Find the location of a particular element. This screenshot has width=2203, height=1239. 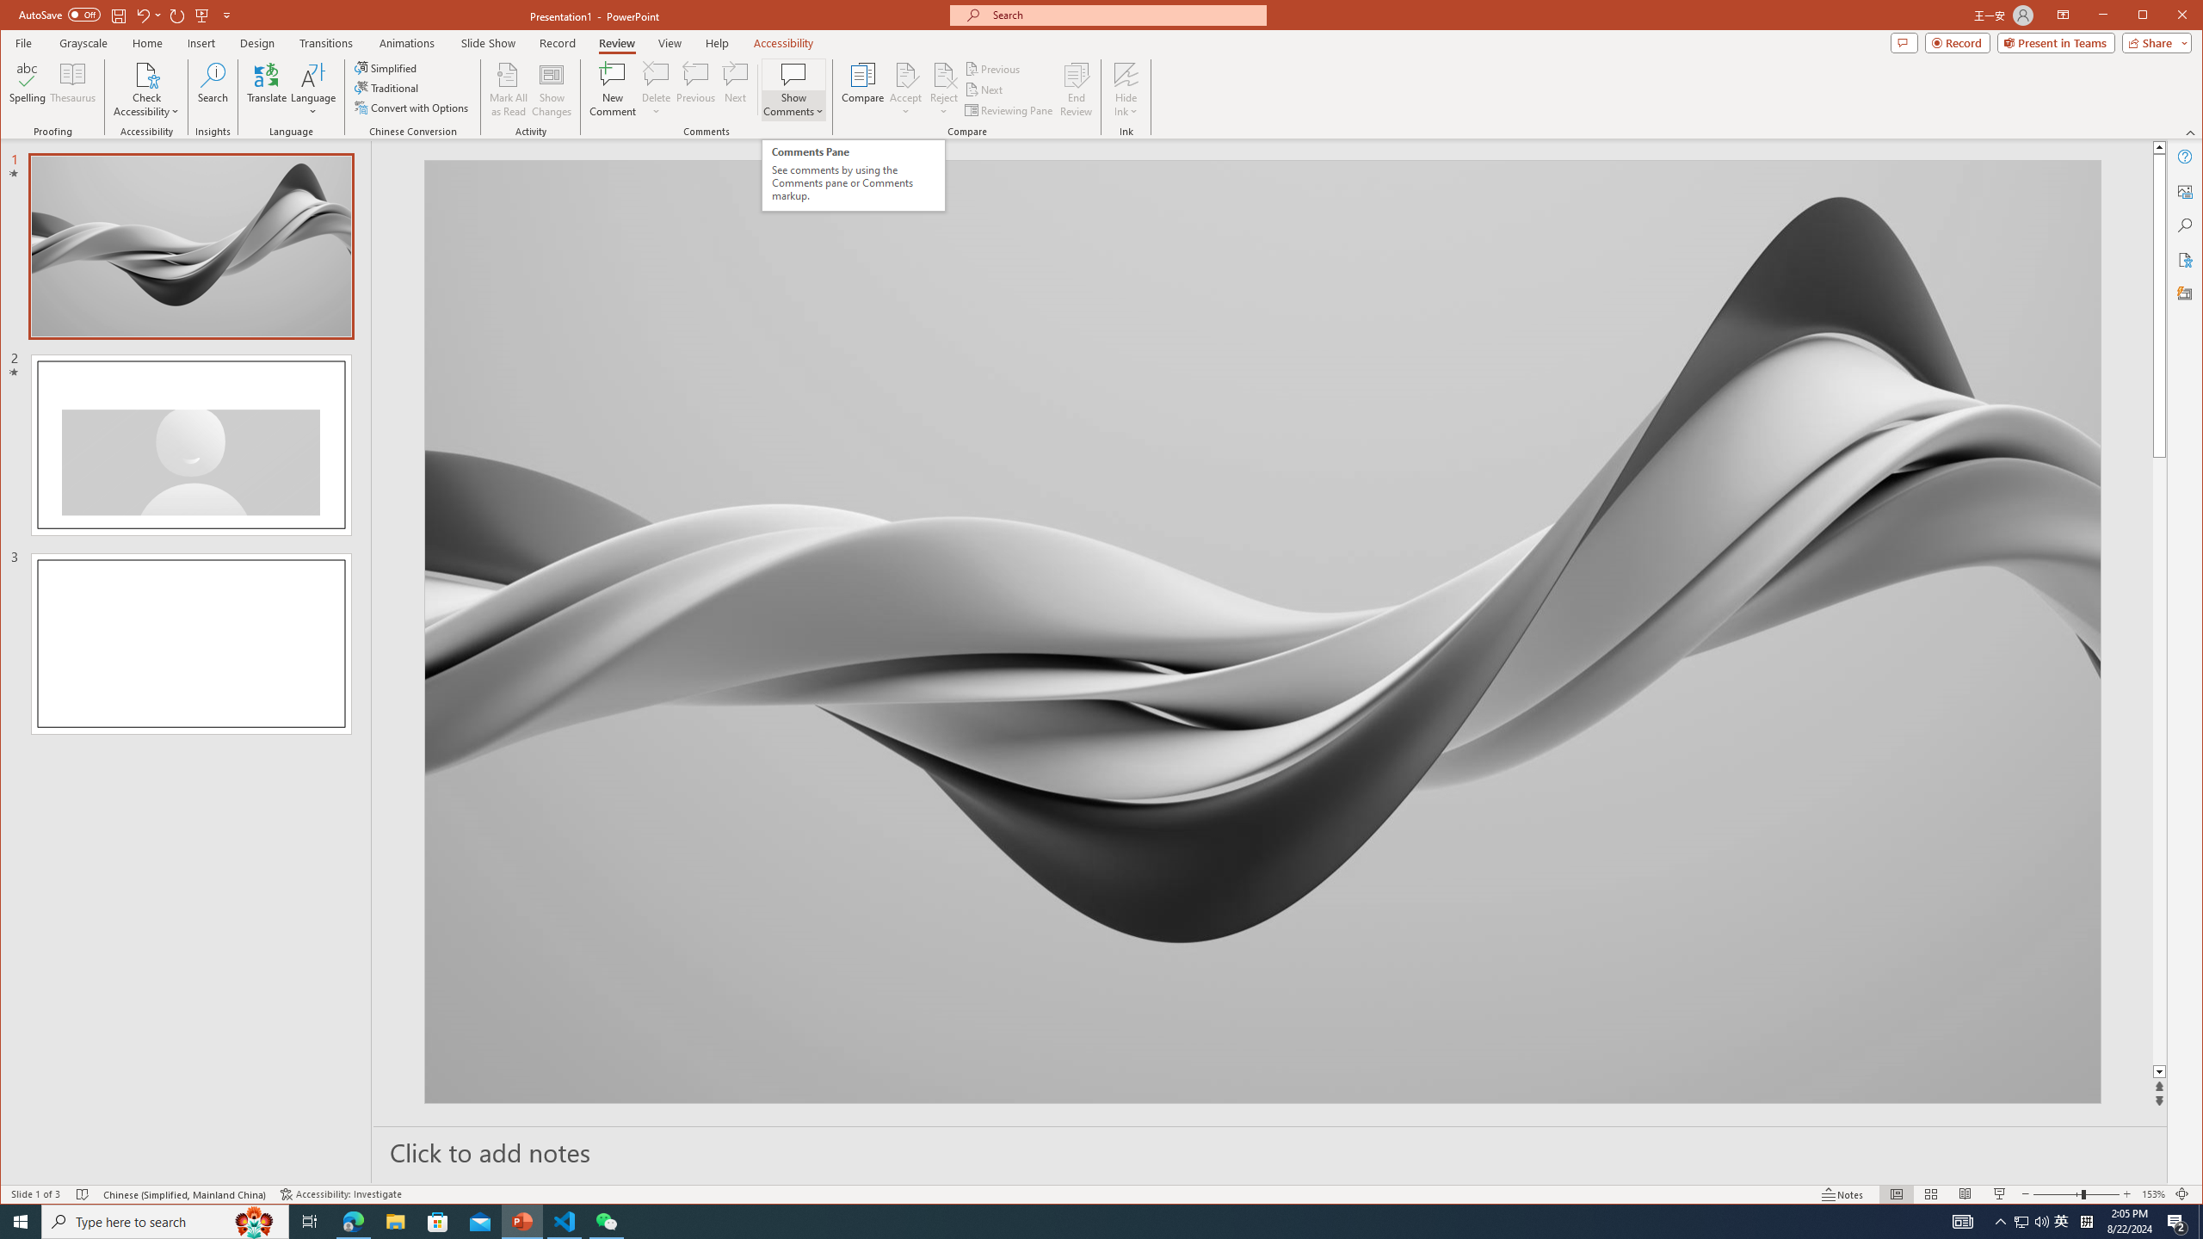

'Language' is located at coordinates (312, 89).